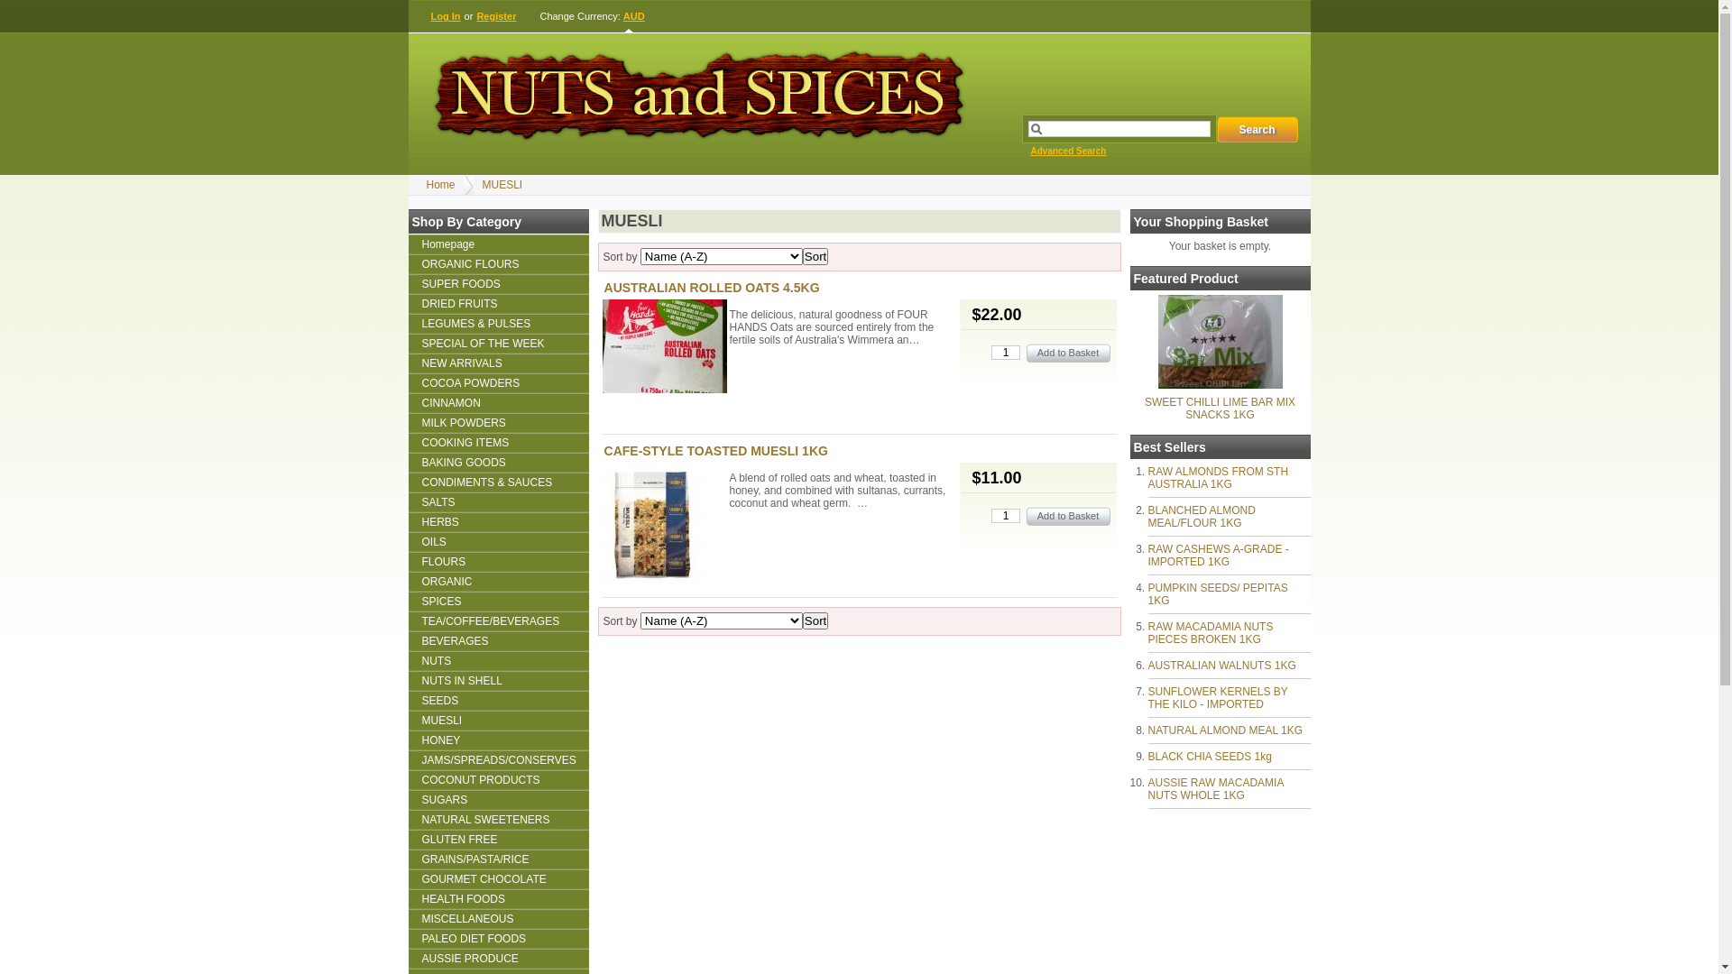 Image resolution: width=1732 pixels, height=974 pixels. I want to click on 'BLACK CHIA SEEDS 1kg', so click(1209, 757).